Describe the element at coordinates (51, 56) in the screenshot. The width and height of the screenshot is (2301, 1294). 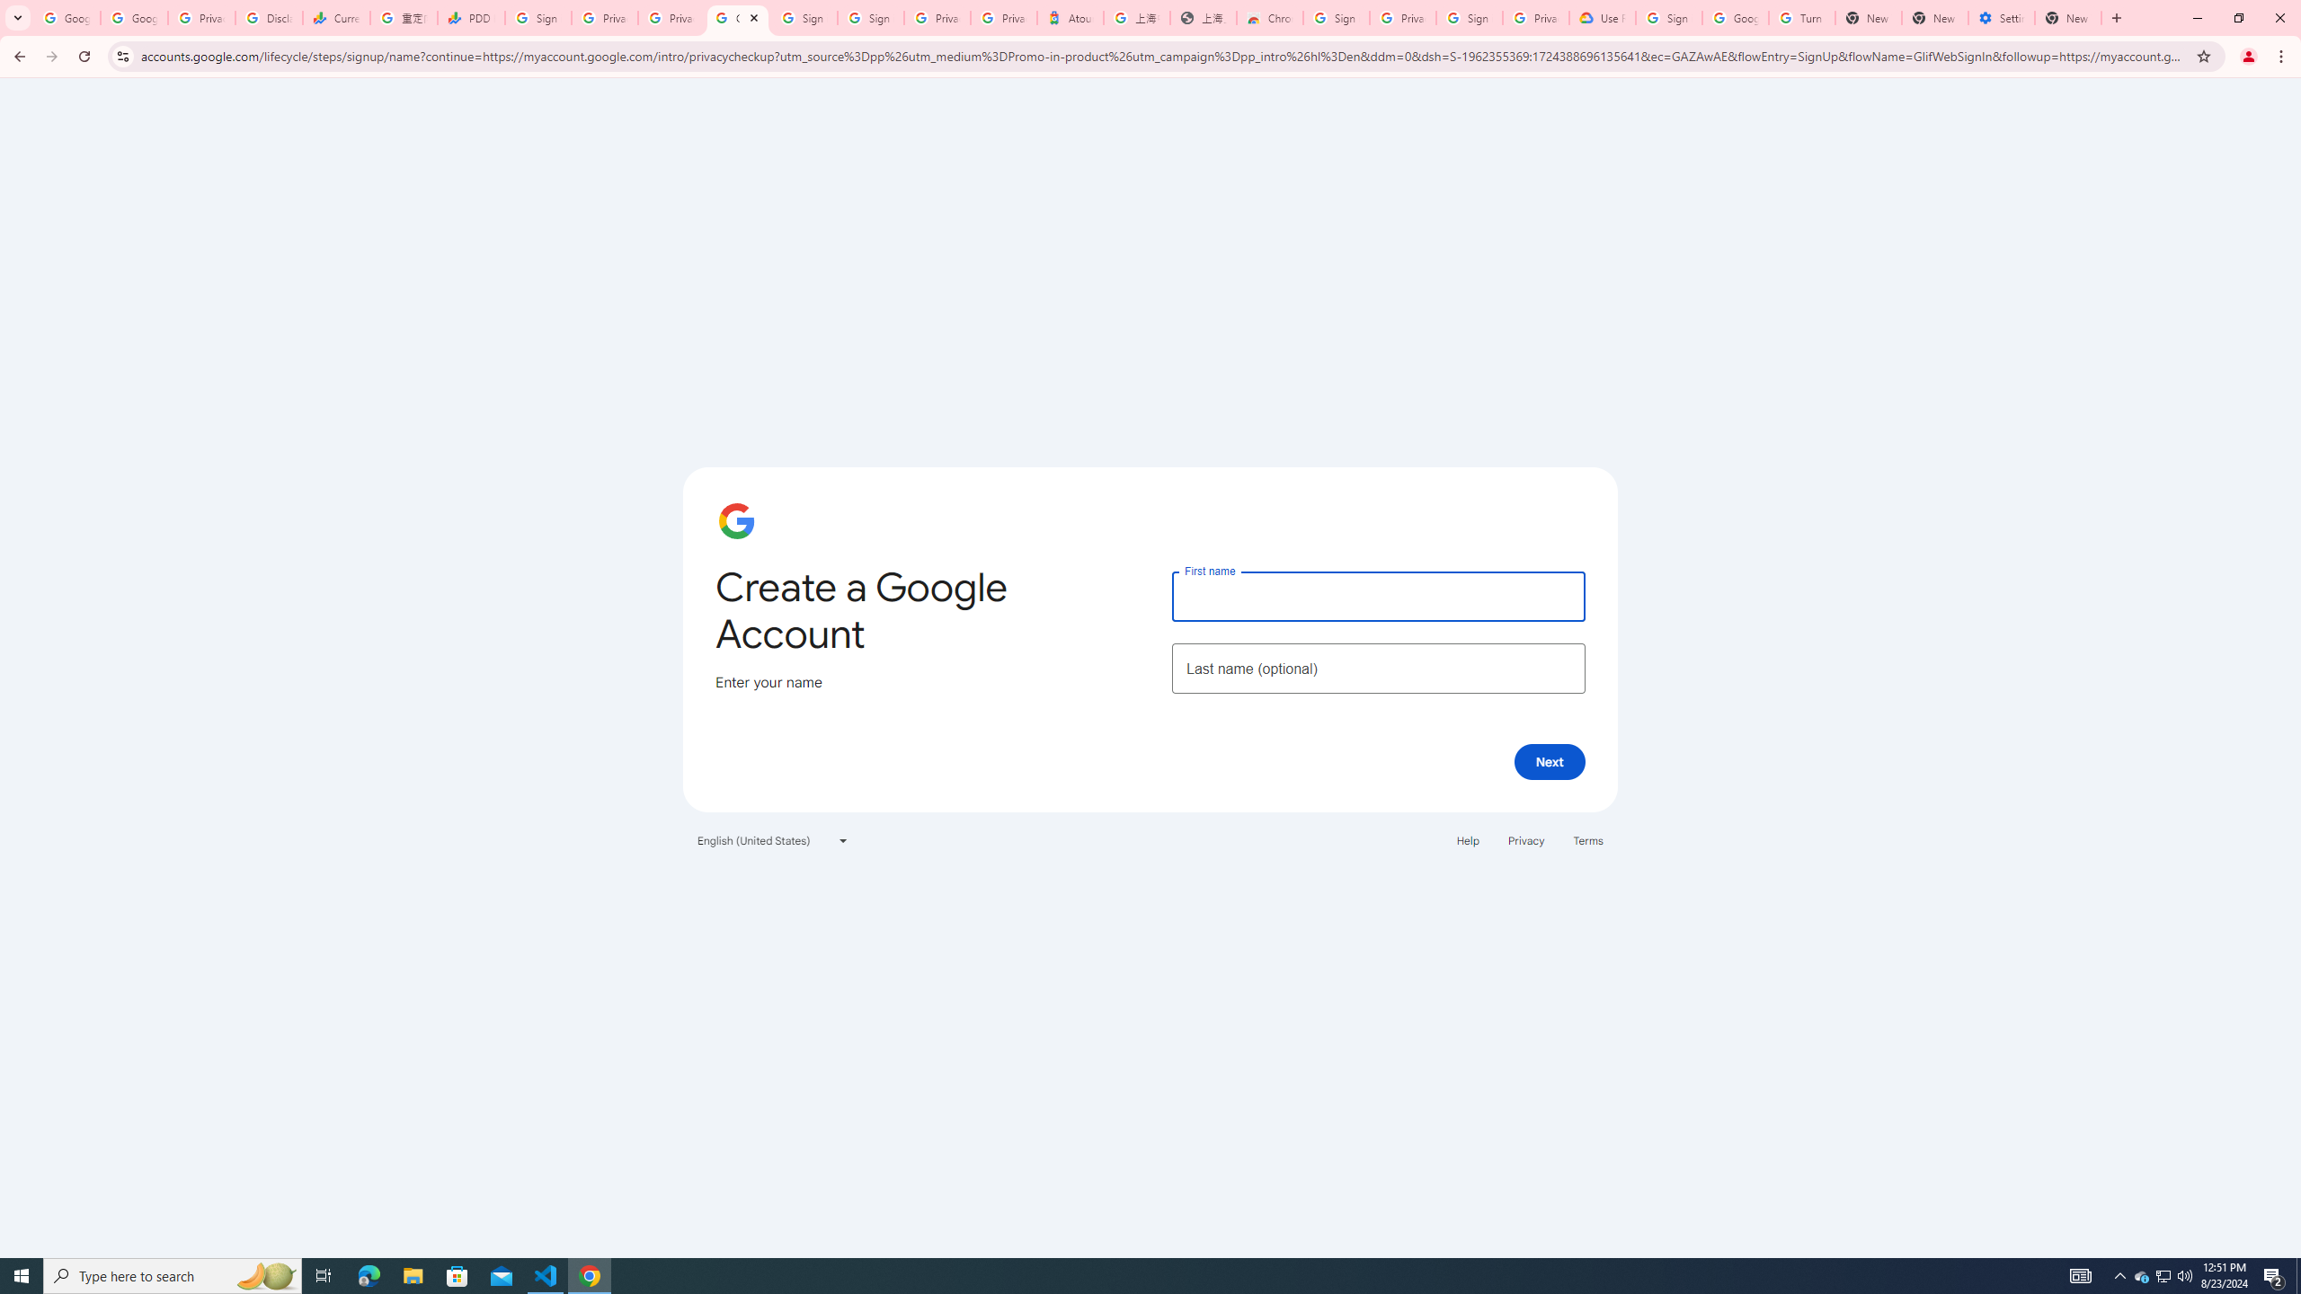
I see `'Forward'` at that location.